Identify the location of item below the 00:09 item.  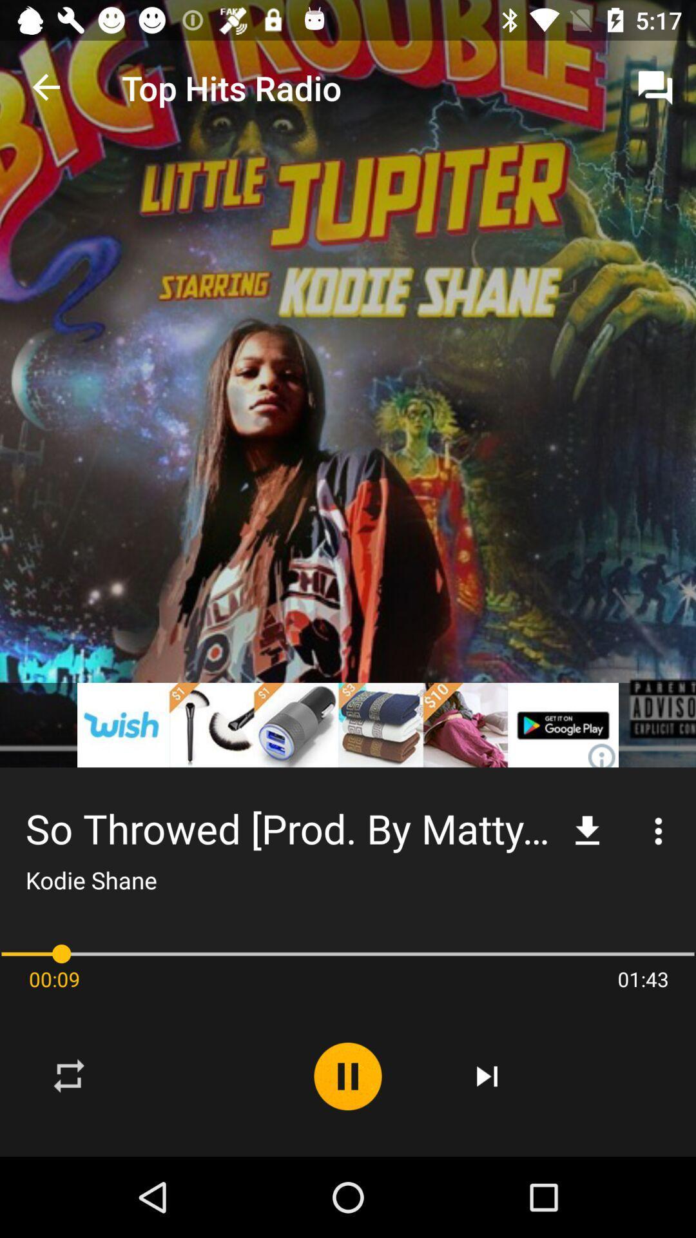
(70, 1076).